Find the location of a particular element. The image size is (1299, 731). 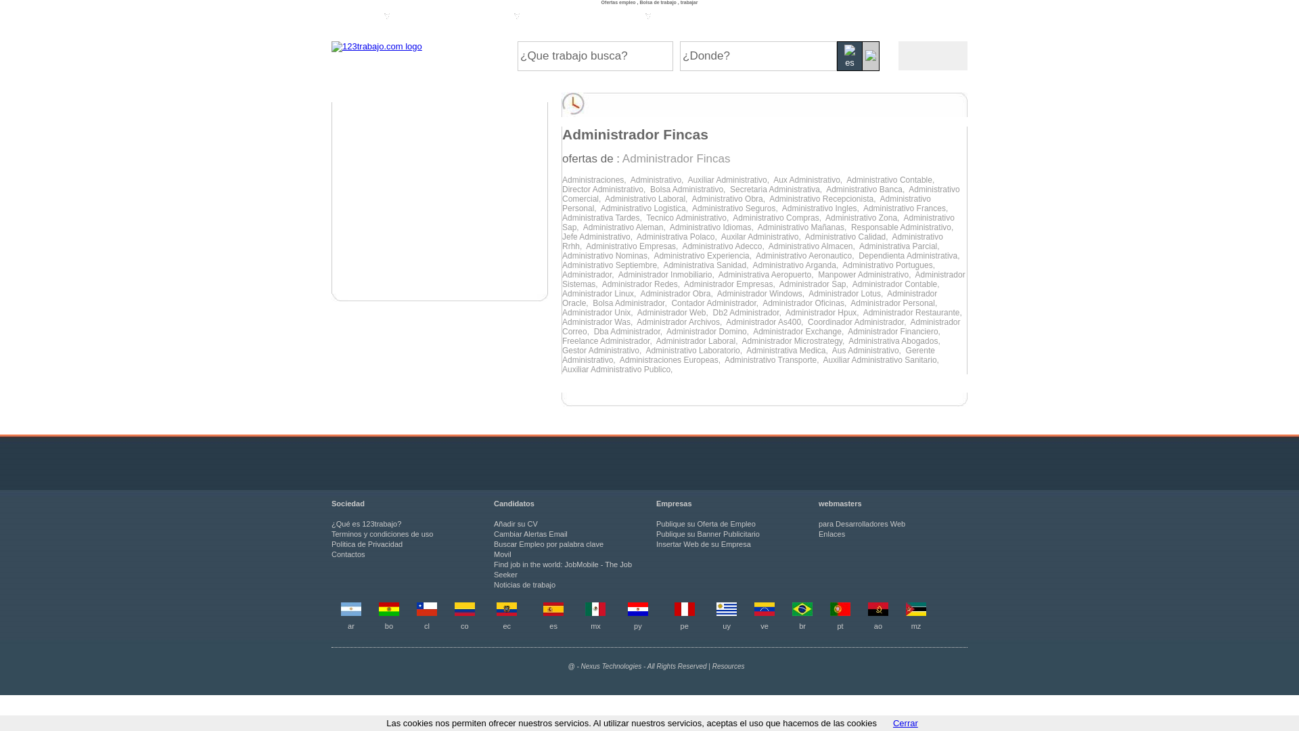

'Administrativo Laboratorio, ' is located at coordinates (645, 349).